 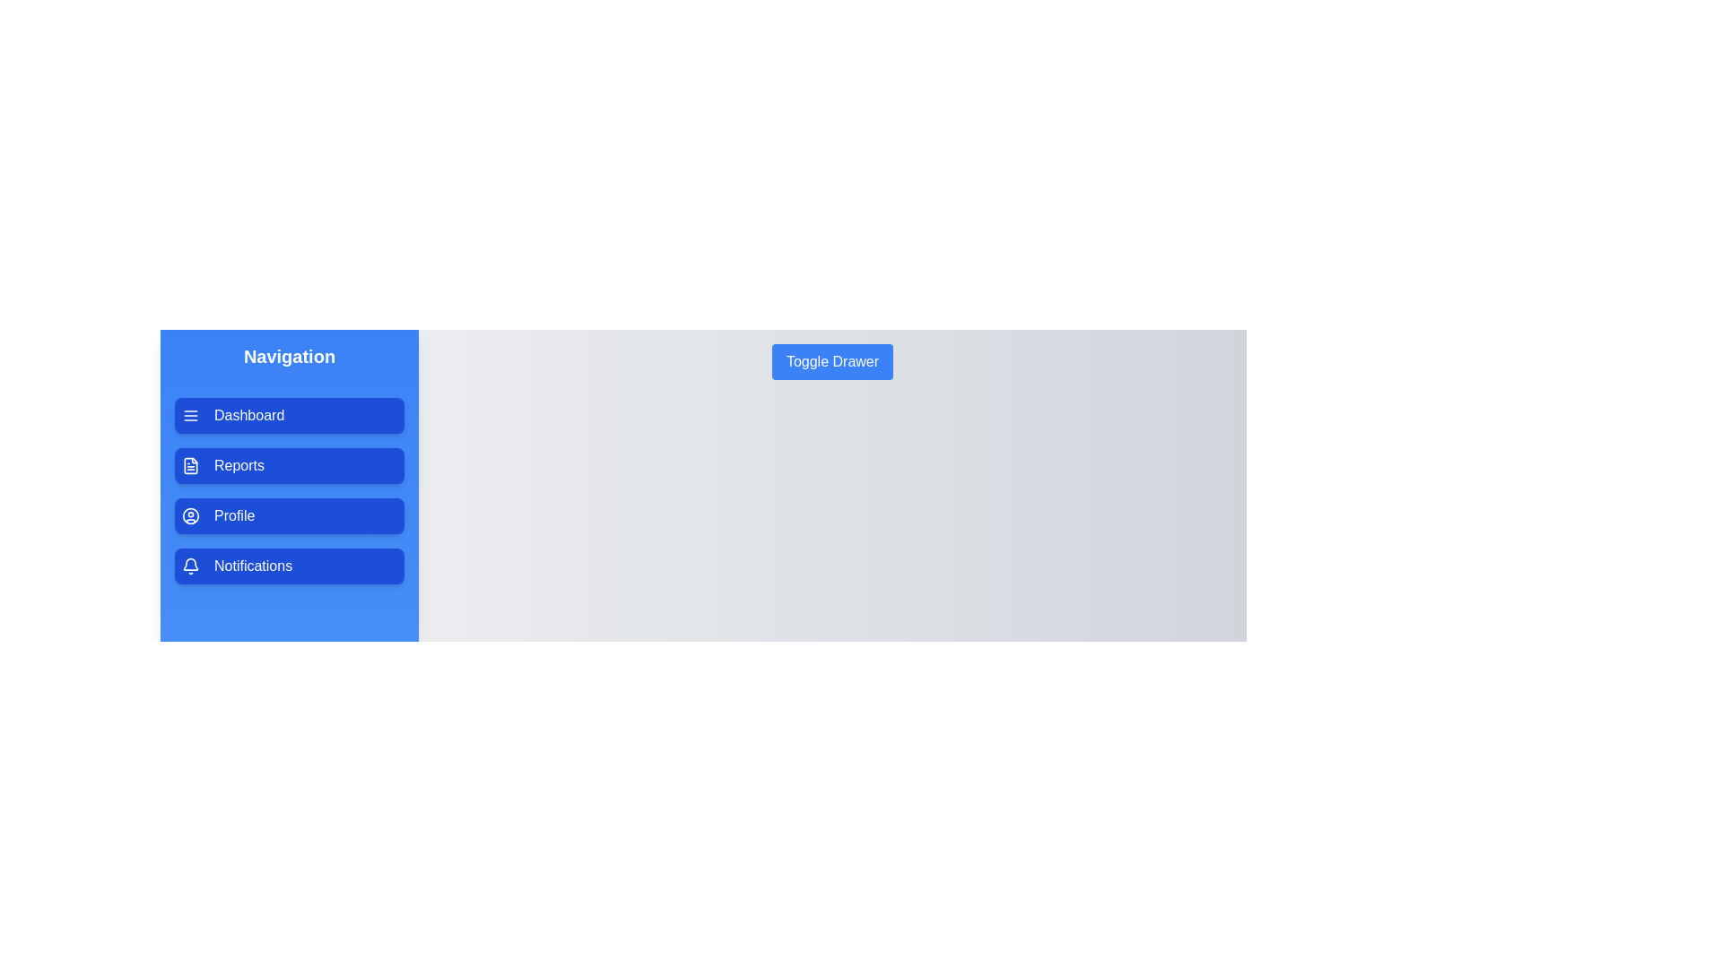 What do you see at coordinates (831, 362) in the screenshot?
I see `the 'Toggle Drawer' button to toggle the drawer` at bounding box center [831, 362].